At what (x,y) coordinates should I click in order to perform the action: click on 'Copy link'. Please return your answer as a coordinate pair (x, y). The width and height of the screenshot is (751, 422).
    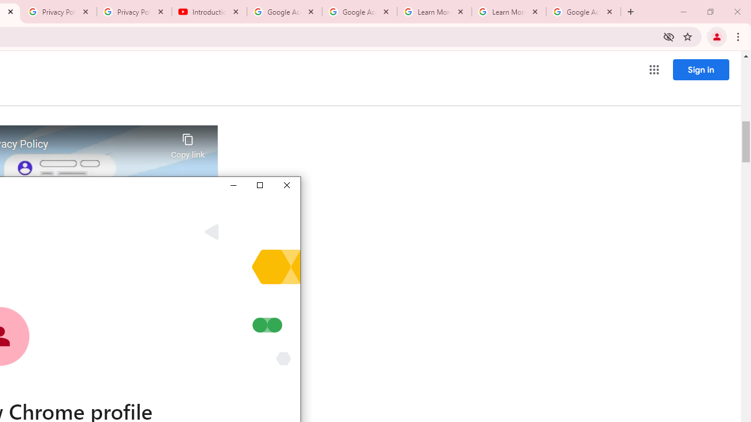
    Looking at the image, I should click on (188, 142).